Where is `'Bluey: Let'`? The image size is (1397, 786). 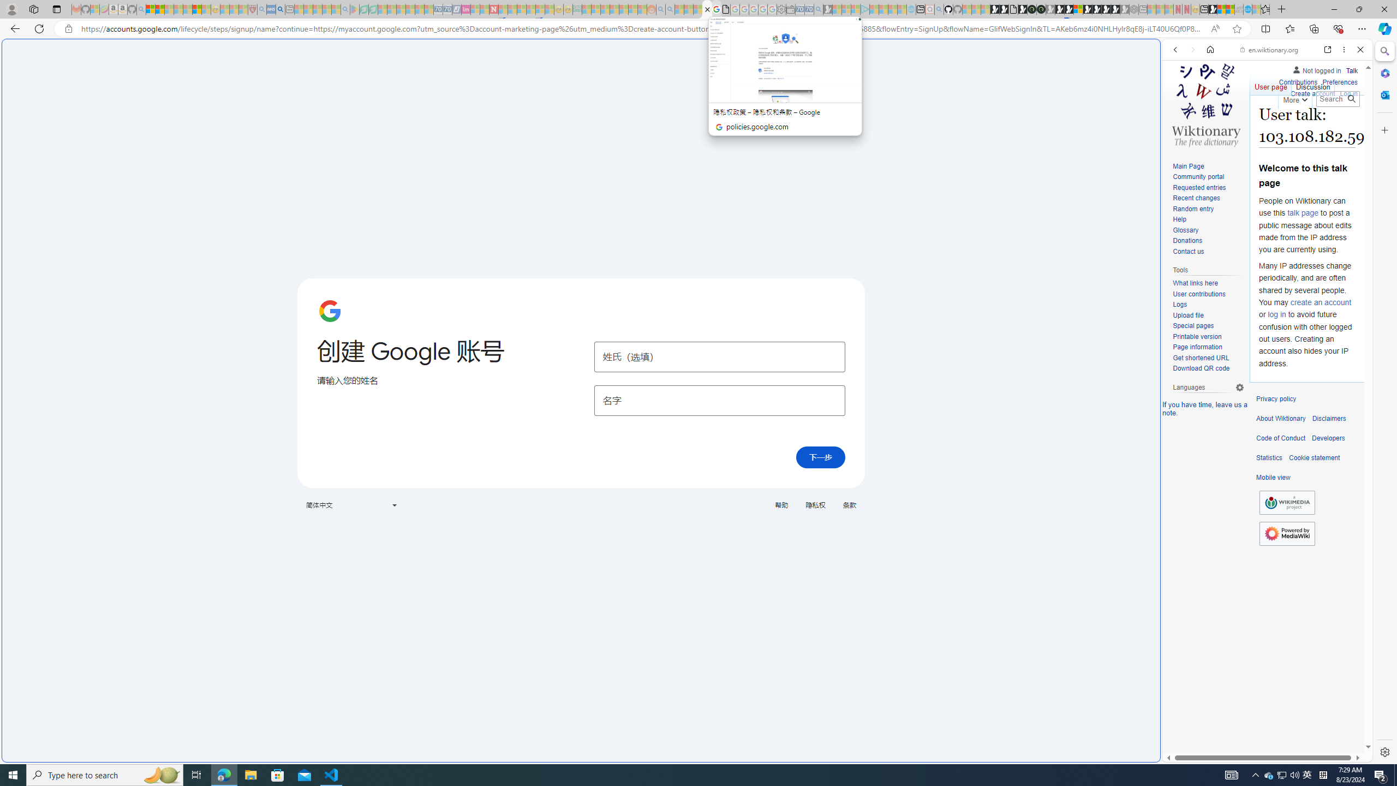
'Bluey: Let' is located at coordinates (354, 9).